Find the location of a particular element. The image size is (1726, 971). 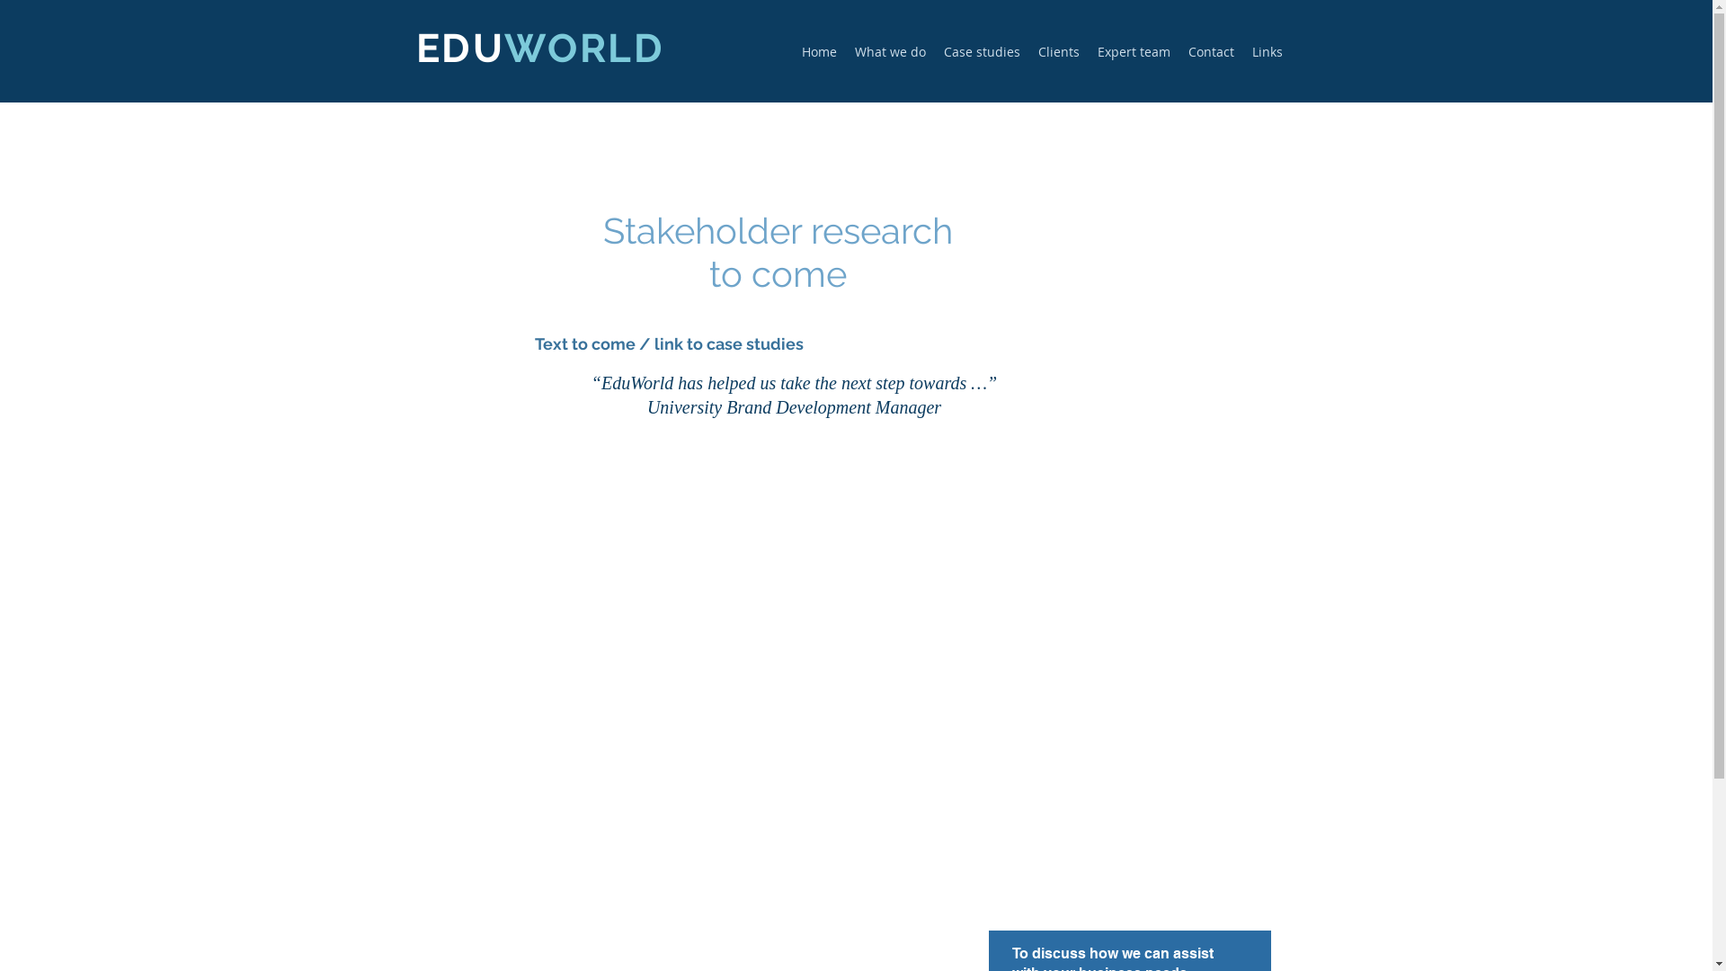

'EDUWORLD' is located at coordinates (538, 47).